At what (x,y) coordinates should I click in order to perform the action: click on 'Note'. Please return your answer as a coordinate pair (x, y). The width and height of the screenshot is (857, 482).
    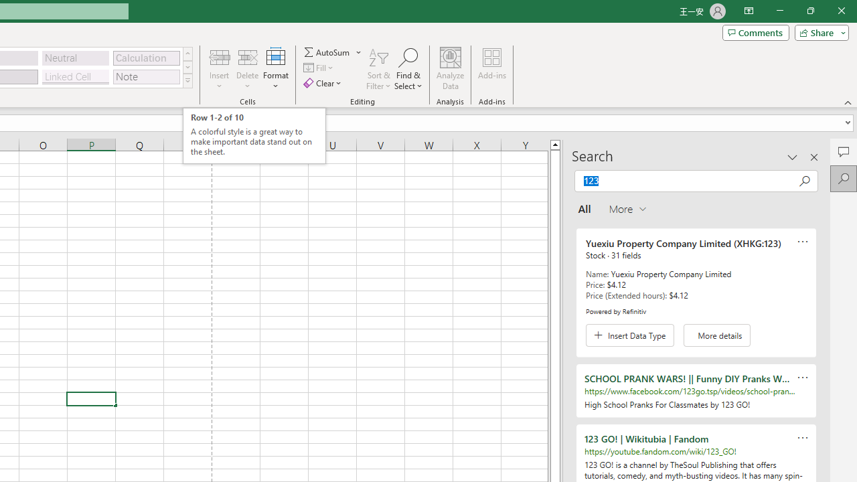
    Looking at the image, I should click on (146, 76).